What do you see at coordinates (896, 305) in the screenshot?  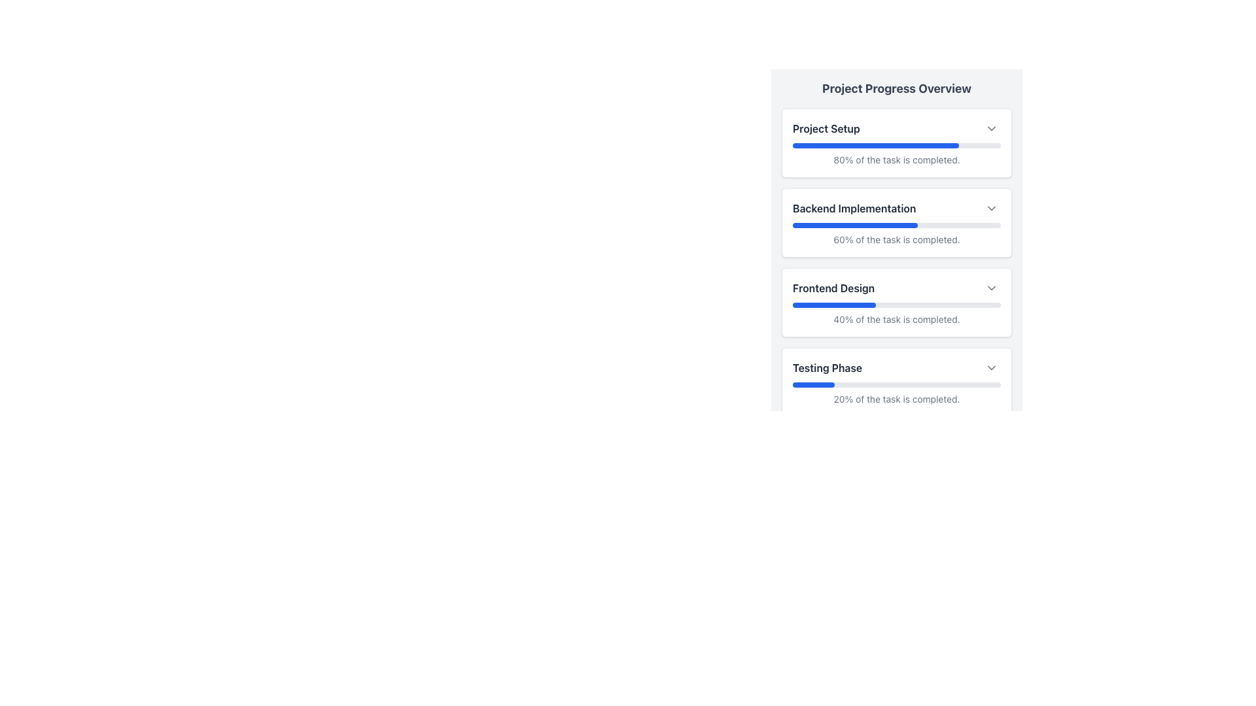 I see `the progress bar indicating 40% completion located within the 'Frontend Design' card, positioned directly below the title 'Frontend Design'` at bounding box center [896, 305].